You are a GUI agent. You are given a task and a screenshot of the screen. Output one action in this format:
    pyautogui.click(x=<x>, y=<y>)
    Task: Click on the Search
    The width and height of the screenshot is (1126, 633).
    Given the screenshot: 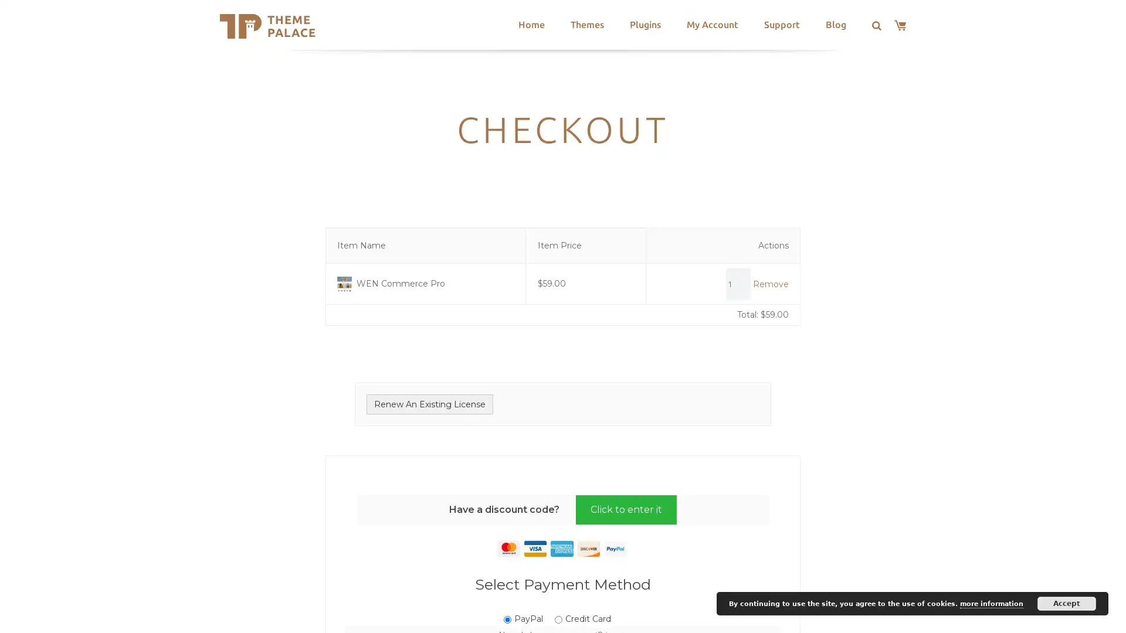 What is the action you would take?
    pyautogui.click(x=362, y=26)
    